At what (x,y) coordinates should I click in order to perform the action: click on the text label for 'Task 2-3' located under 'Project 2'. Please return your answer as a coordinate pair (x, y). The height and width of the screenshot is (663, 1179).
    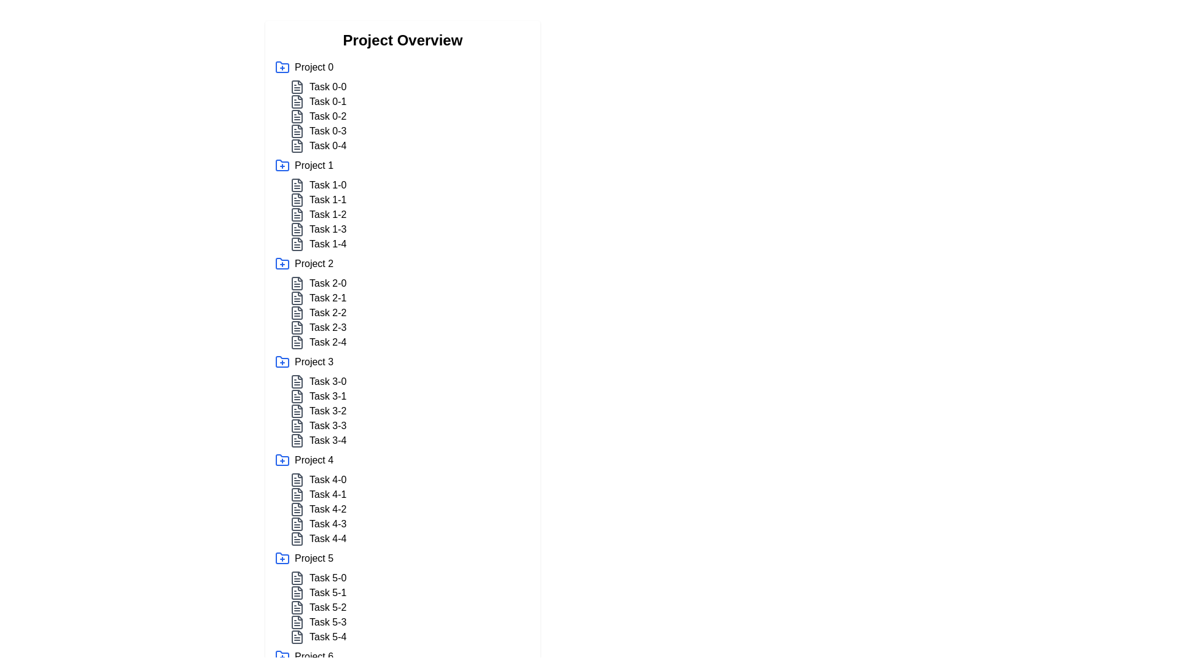
    Looking at the image, I should click on (328, 327).